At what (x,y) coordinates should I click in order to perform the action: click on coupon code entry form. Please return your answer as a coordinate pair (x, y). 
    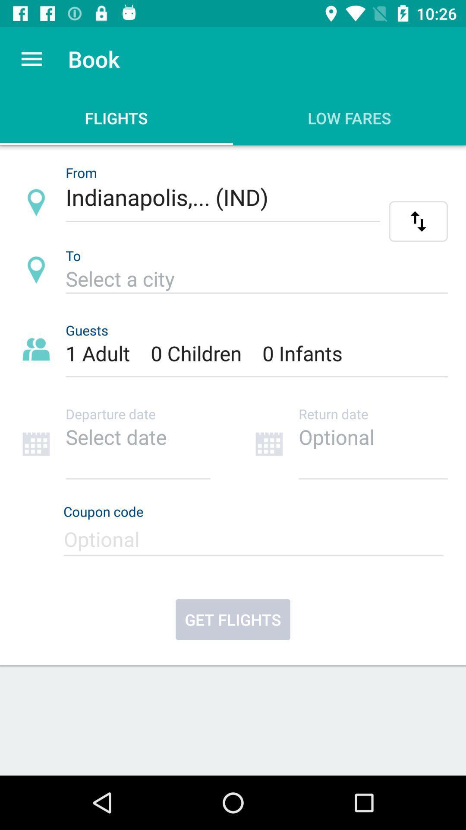
    Looking at the image, I should click on (255, 542).